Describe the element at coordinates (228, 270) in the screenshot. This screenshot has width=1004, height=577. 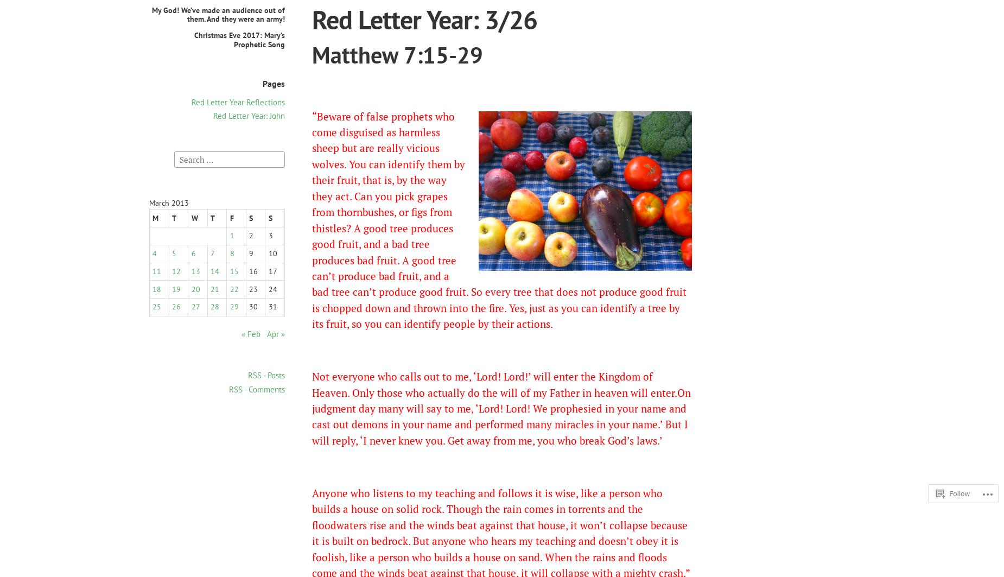
I see `'15'` at that location.